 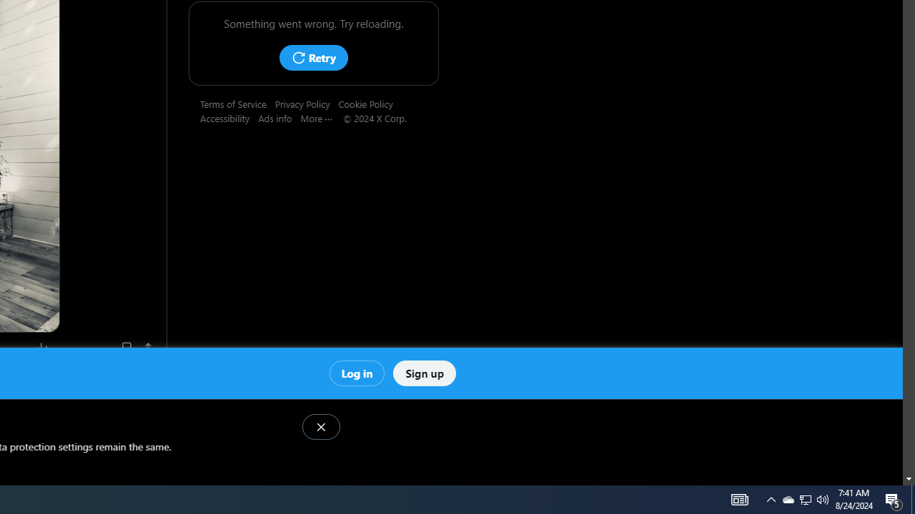 What do you see at coordinates (149, 348) in the screenshot?
I see `'Share post'` at bounding box center [149, 348].